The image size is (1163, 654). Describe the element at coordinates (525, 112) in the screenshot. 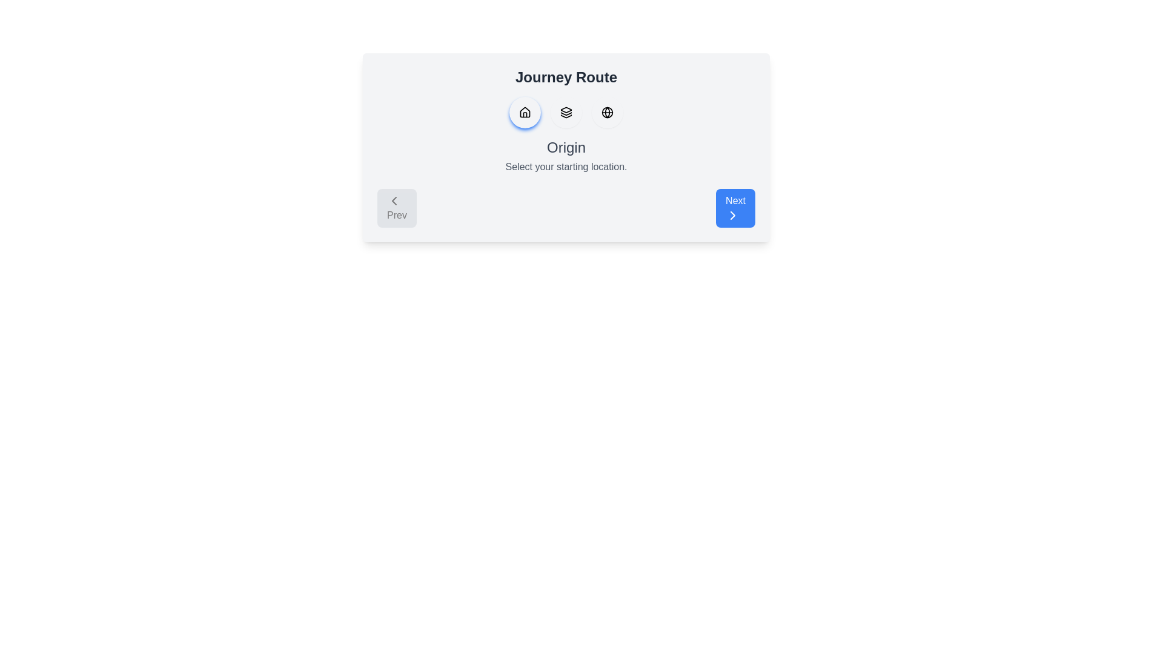

I see `the first circular button with a blue-tinted border and a house icon` at that location.